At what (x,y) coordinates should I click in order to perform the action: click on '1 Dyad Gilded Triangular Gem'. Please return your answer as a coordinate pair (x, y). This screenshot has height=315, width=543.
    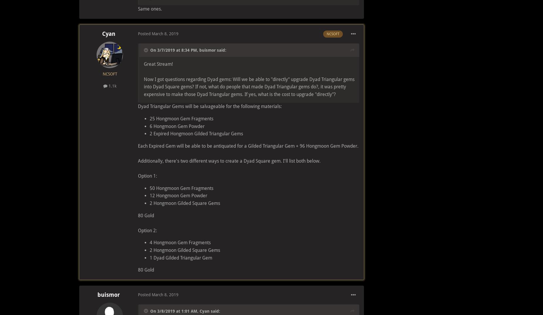
    Looking at the image, I should click on (181, 257).